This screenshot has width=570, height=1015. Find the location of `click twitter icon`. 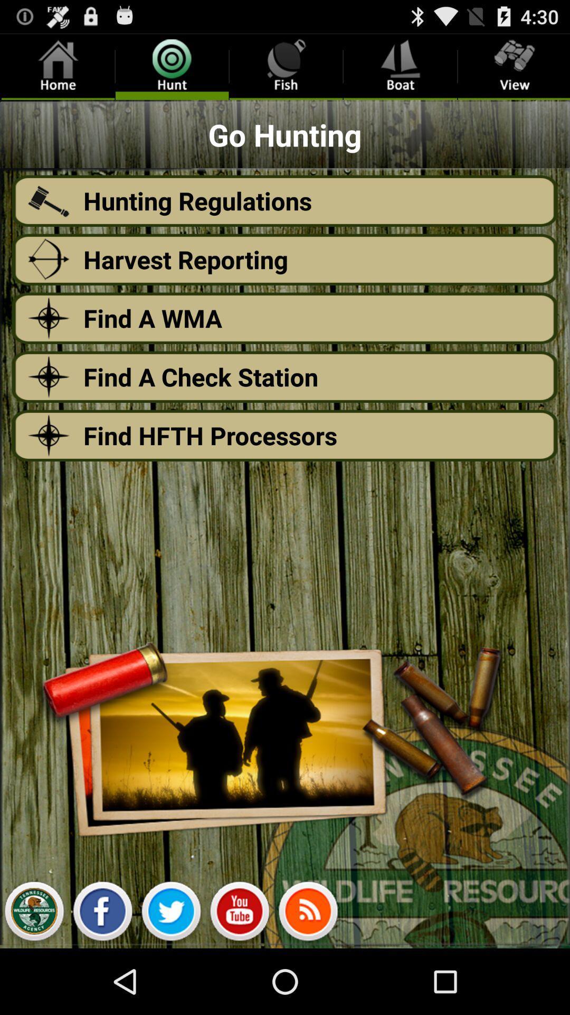

click twitter icon is located at coordinates (170, 914).